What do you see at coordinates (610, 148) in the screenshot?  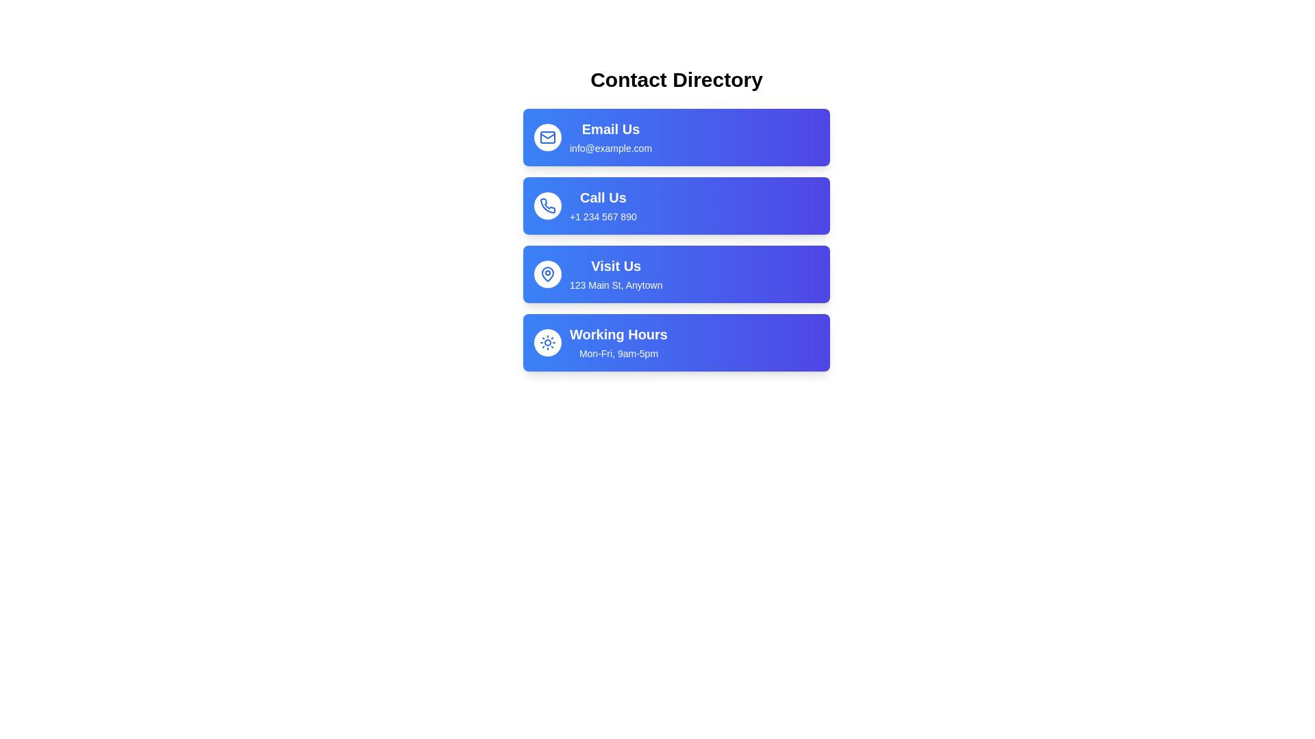 I see `the text element displaying 'info@example.com', which is located directly below the 'Email Us' header in a blue background` at bounding box center [610, 148].